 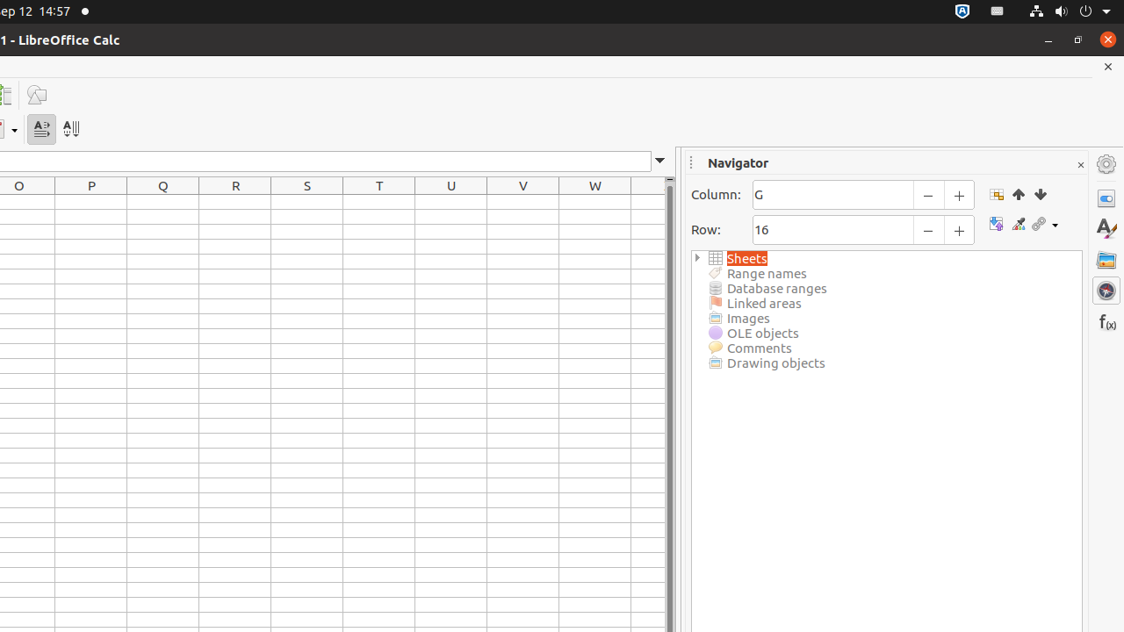 I want to click on 'Toggle', so click(x=996, y=223).